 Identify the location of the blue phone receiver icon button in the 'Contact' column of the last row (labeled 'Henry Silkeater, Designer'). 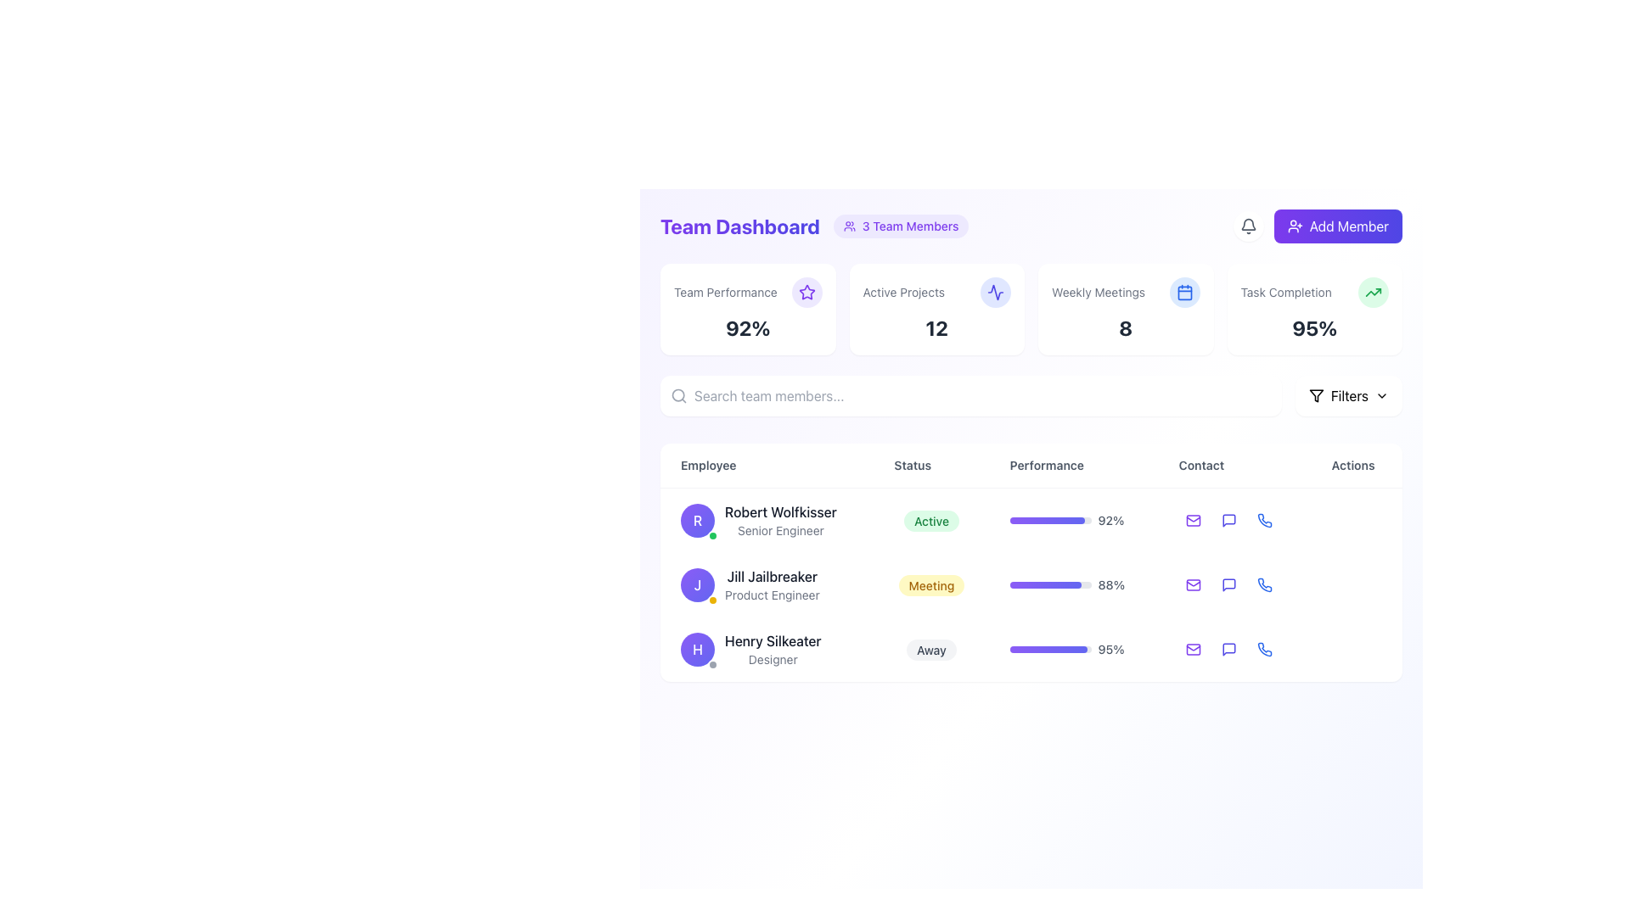
(1264, 649).